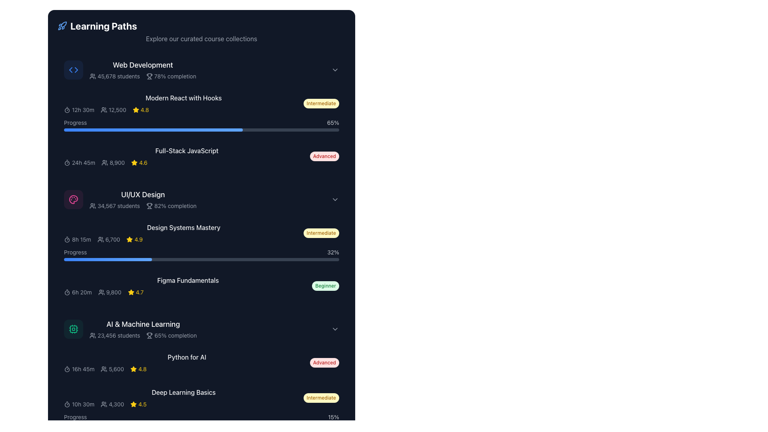 This screenshot has width=768, height=432. Describe the element at coordinates (183, 392) in the screenshot. I see `the text label displaying 'Deep Learning Basics' positioned under the 'AI & Machine Learning' section` at that location.